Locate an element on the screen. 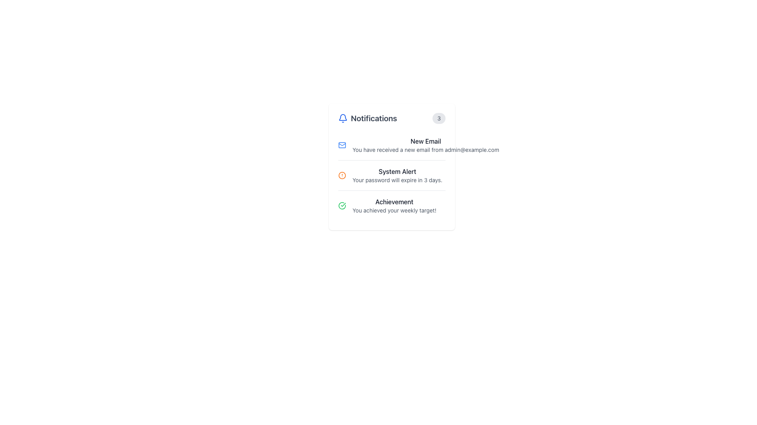  the blue outlined bell icon located to the left of the 'Notifications' text for interaction with notifications is located at coordinates (343, 118).